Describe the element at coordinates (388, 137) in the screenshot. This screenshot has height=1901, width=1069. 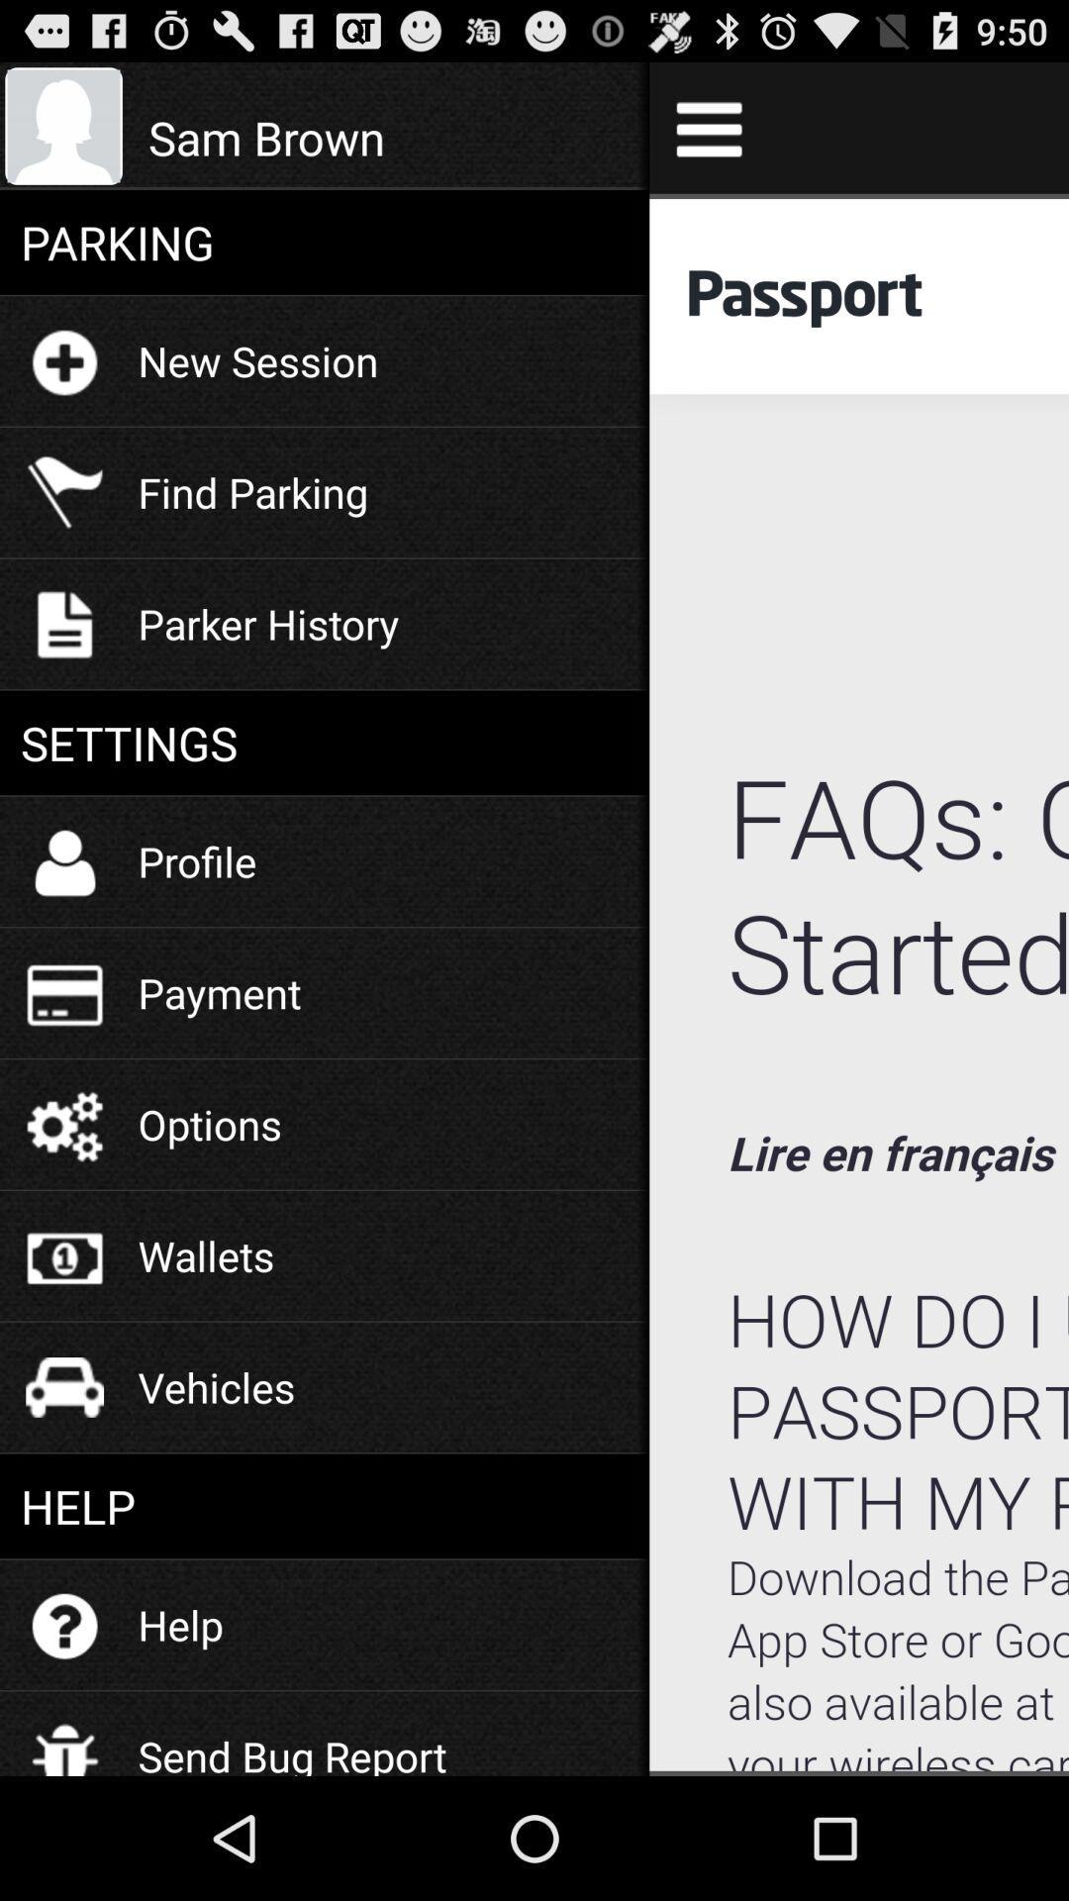
I see `sam` at that location.